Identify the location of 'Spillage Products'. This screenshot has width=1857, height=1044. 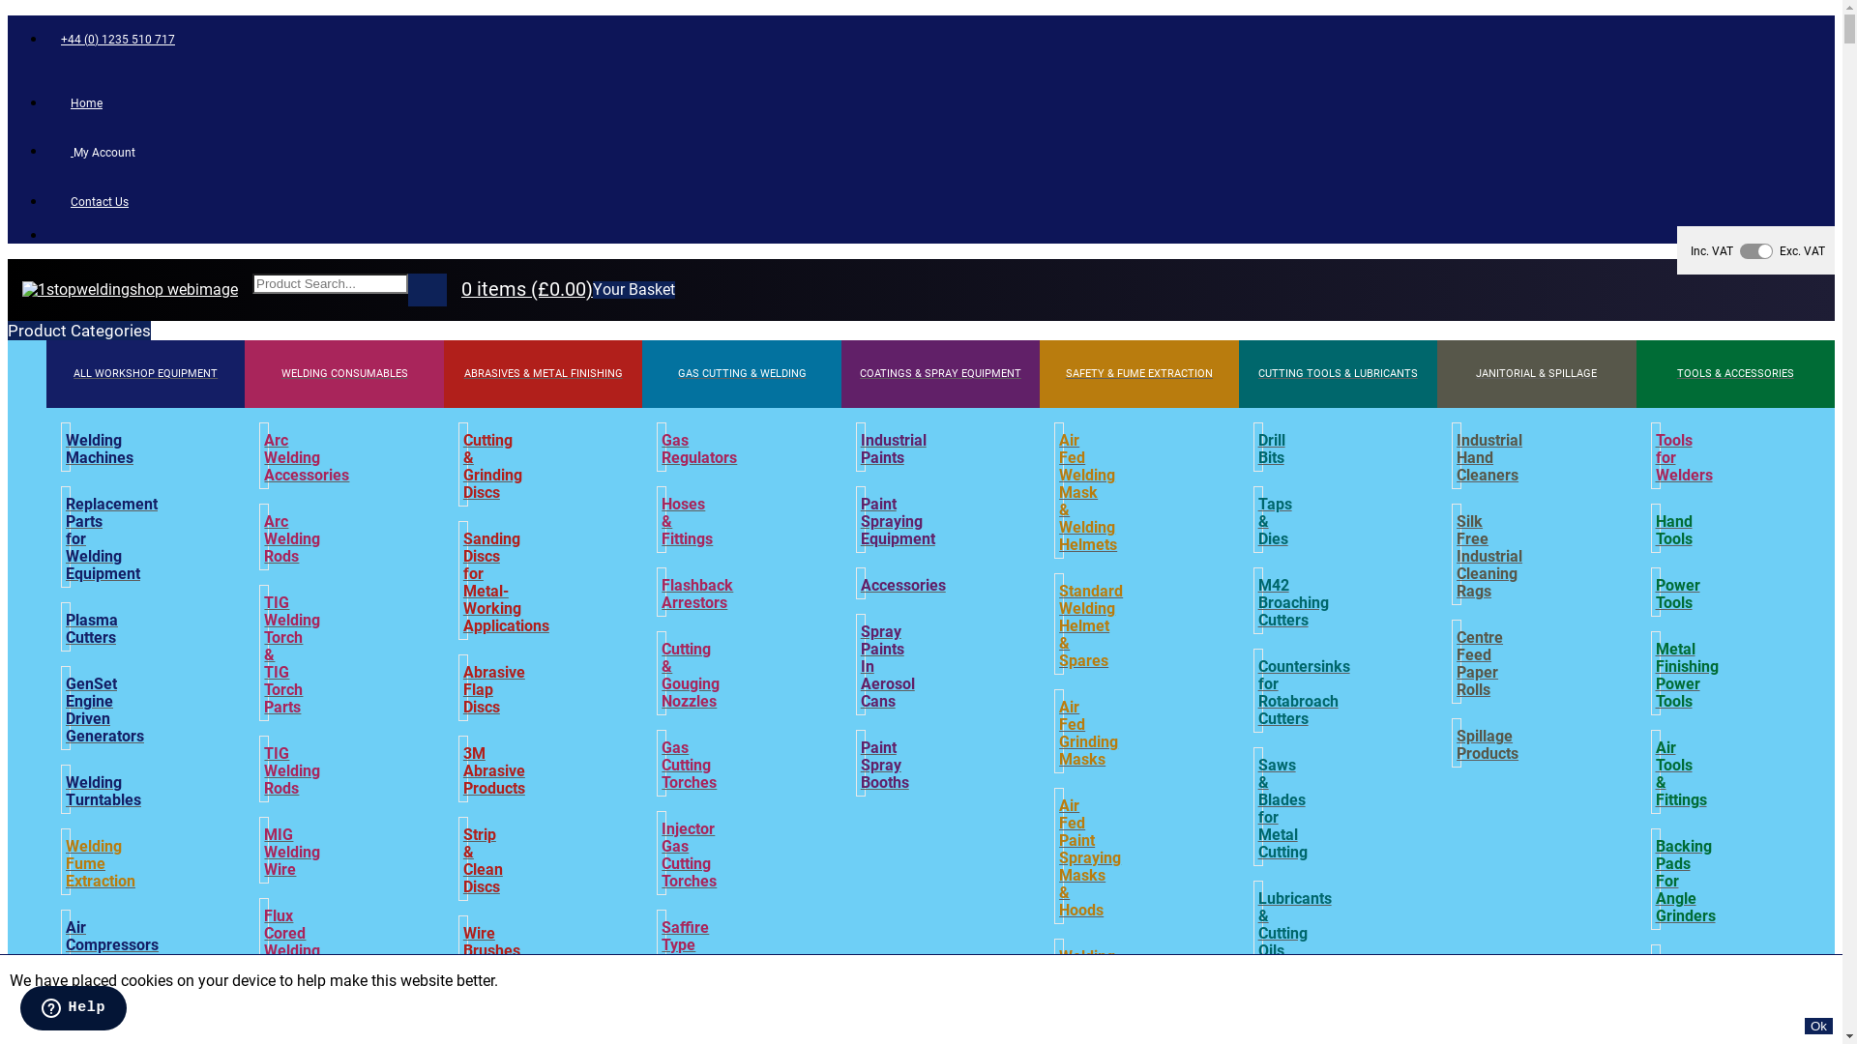
(1486, 744).